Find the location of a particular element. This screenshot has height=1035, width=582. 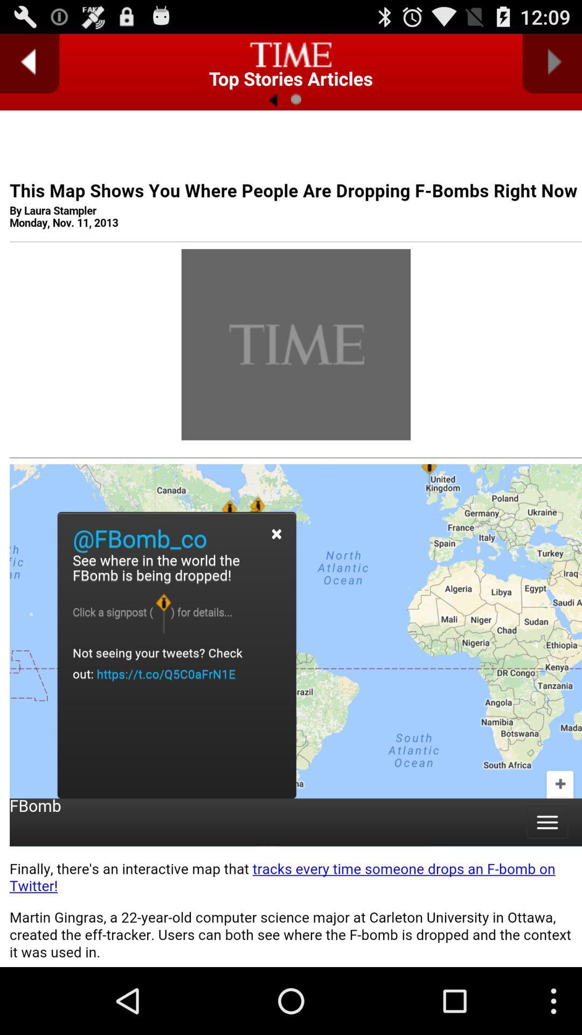

the delete icon is located at coordinates (290, 58).